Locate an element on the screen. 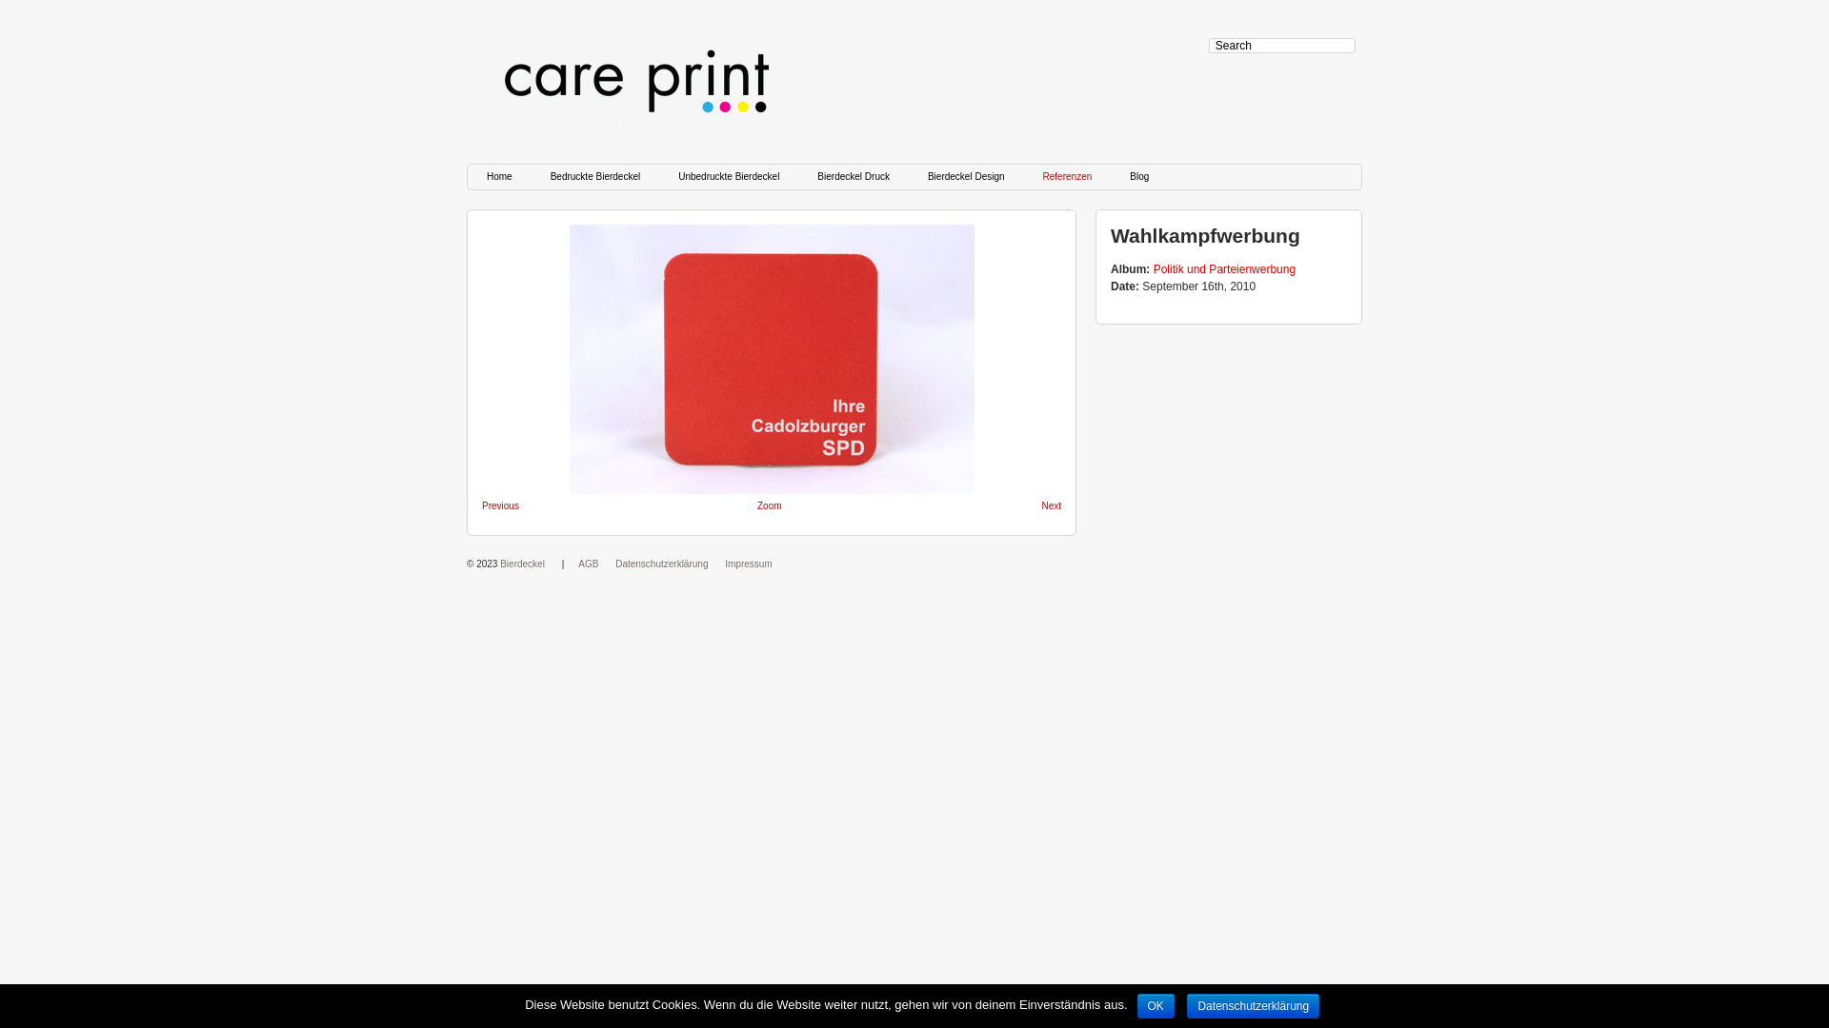 Image resolution: width=1829 pixels, height=1028 pixels. 'Referenzen' is located at coordinates (1068, 176).